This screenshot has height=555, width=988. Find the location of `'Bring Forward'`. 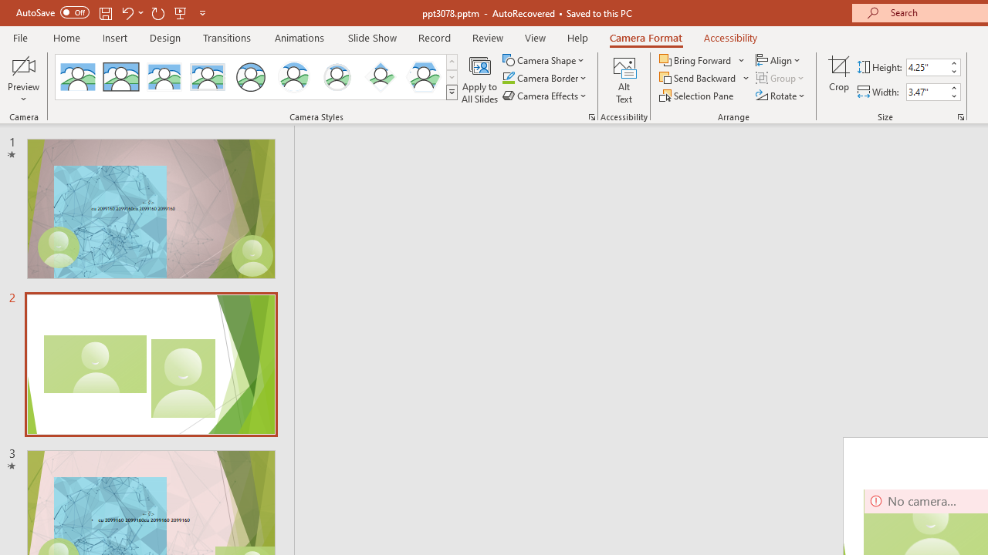

'Bring Forward' is located at coordinates (702, 59).